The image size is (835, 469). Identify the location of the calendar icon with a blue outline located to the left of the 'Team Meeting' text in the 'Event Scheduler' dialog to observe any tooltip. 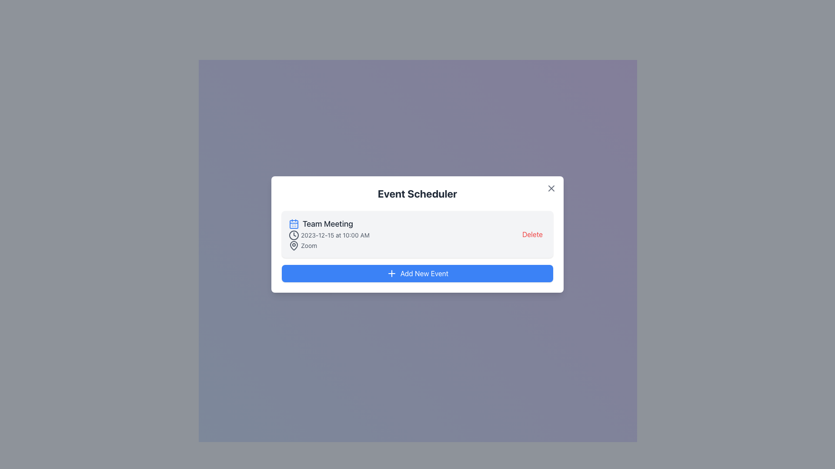
(294, 224).